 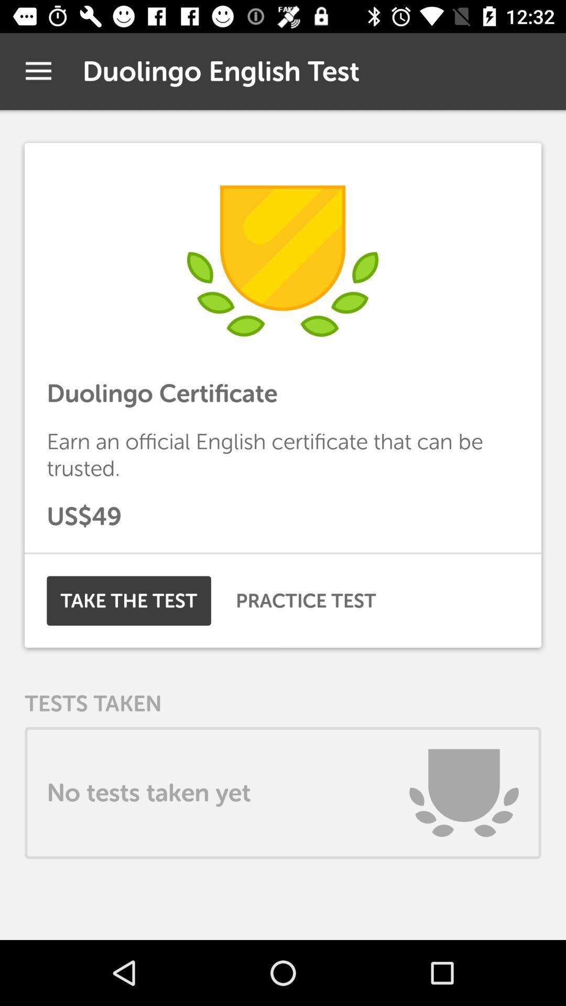 What do you see at coordinates (283, 455) in the screenshot?
I see `the earn an official` at bounding box center [283, 455].